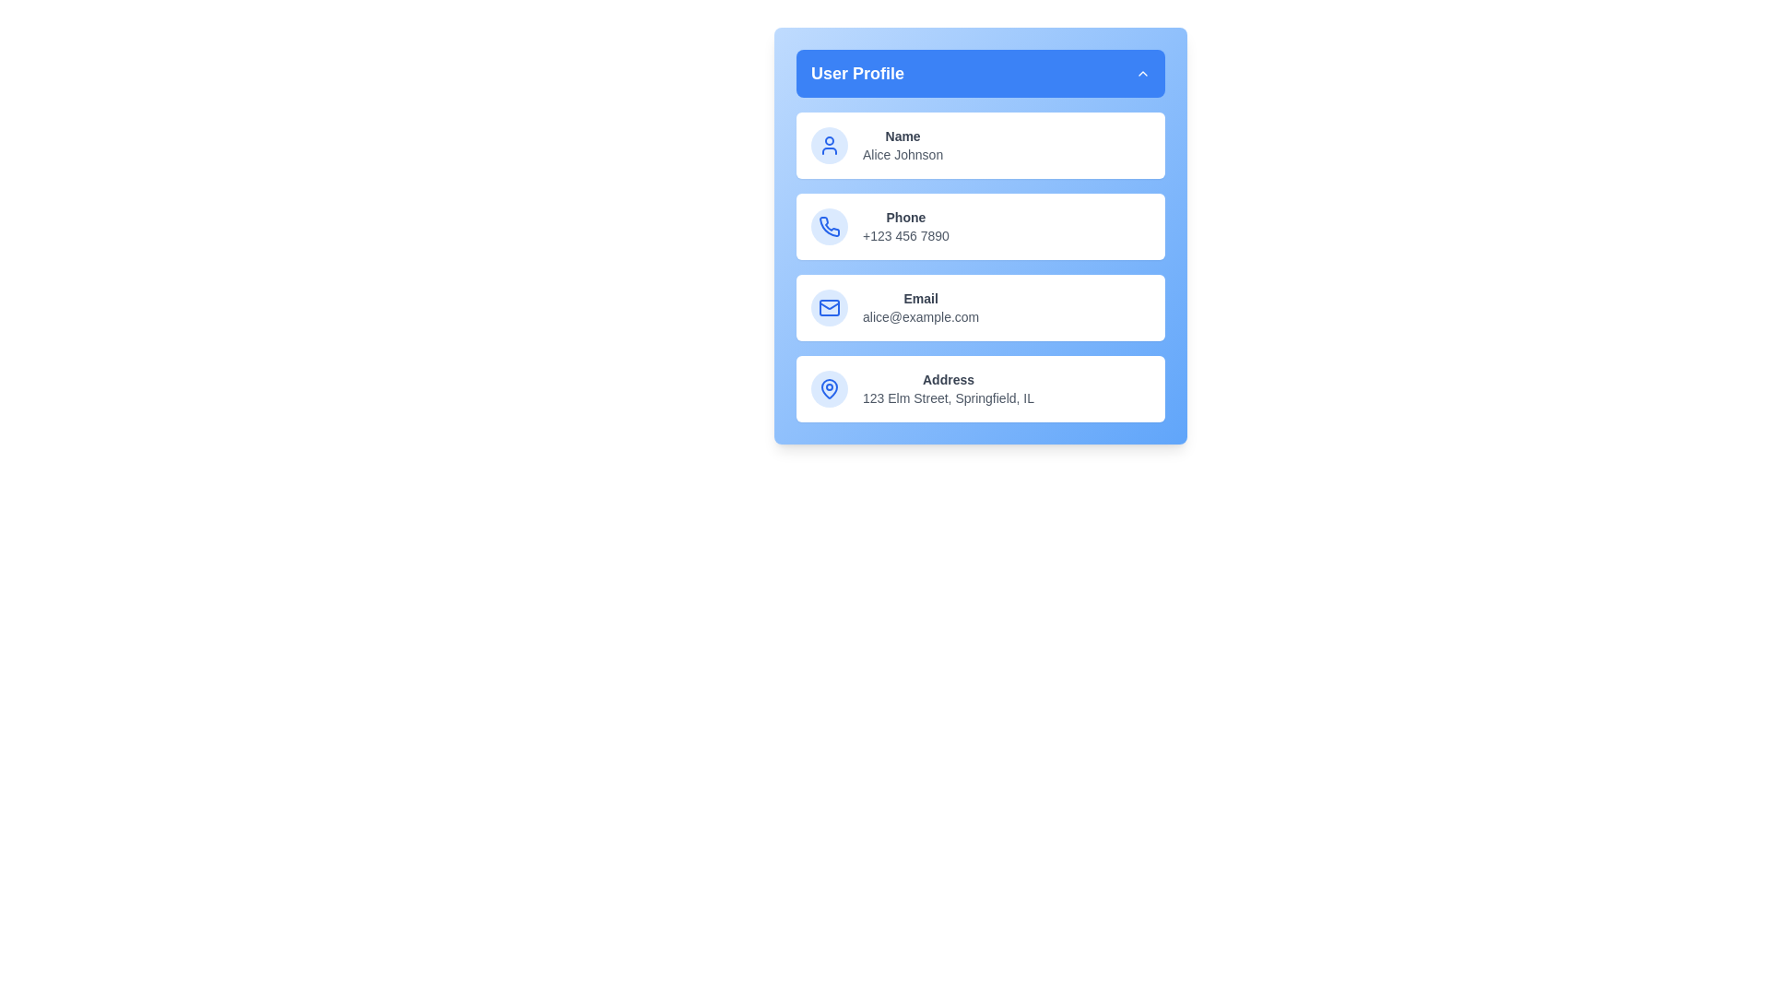 This screenshot has height=996, width=1770. I want to click on the email icon located at the top-left corner of the 'Email' section in the user profile card, which is adjacent to the text 'Email' and 'alice@example.com', so click(829, 307).